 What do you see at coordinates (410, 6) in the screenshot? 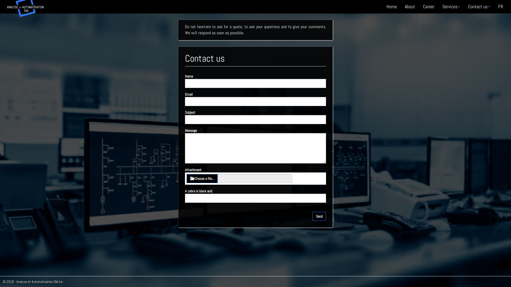
I see `'About'` at bounding box center [410, 6].